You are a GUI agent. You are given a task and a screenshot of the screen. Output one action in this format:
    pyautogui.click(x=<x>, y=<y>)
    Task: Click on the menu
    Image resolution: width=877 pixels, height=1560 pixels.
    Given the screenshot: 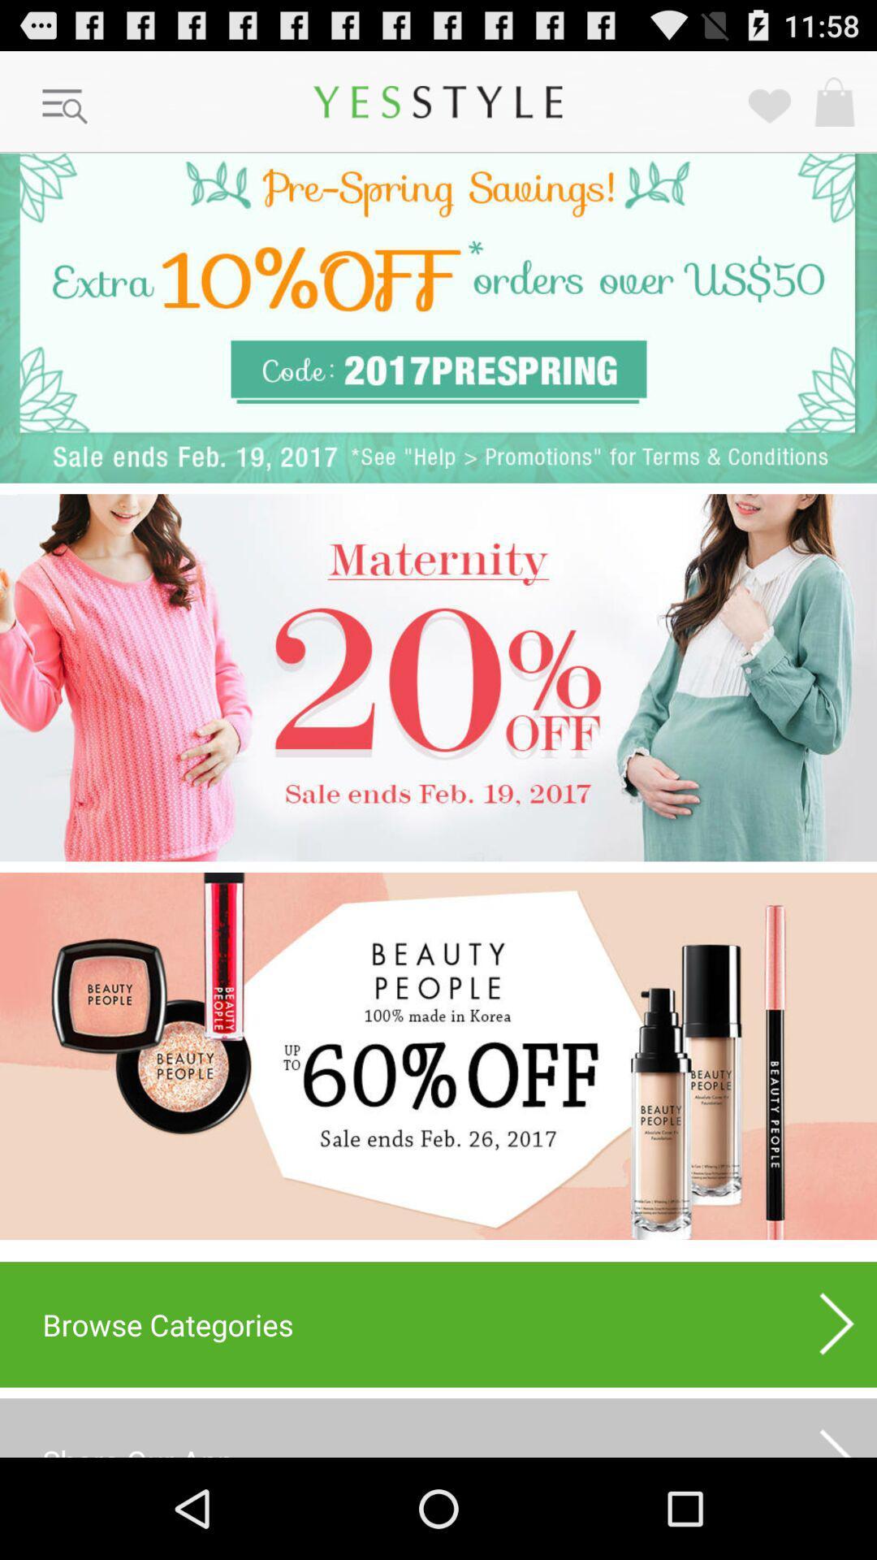 What is the action you would take?
    pyautogui.click(x=65, y=106)
    